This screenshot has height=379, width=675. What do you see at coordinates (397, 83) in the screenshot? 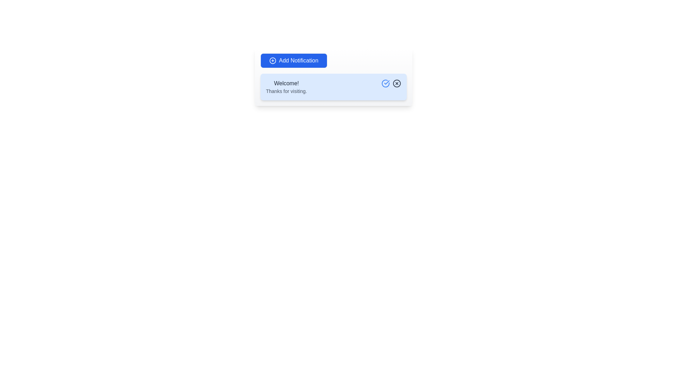
I see `the circular close button, which features a dark border, a light background, and an 'X' symbol, located at the far right of the notification card` at bounding box center [397, 83].